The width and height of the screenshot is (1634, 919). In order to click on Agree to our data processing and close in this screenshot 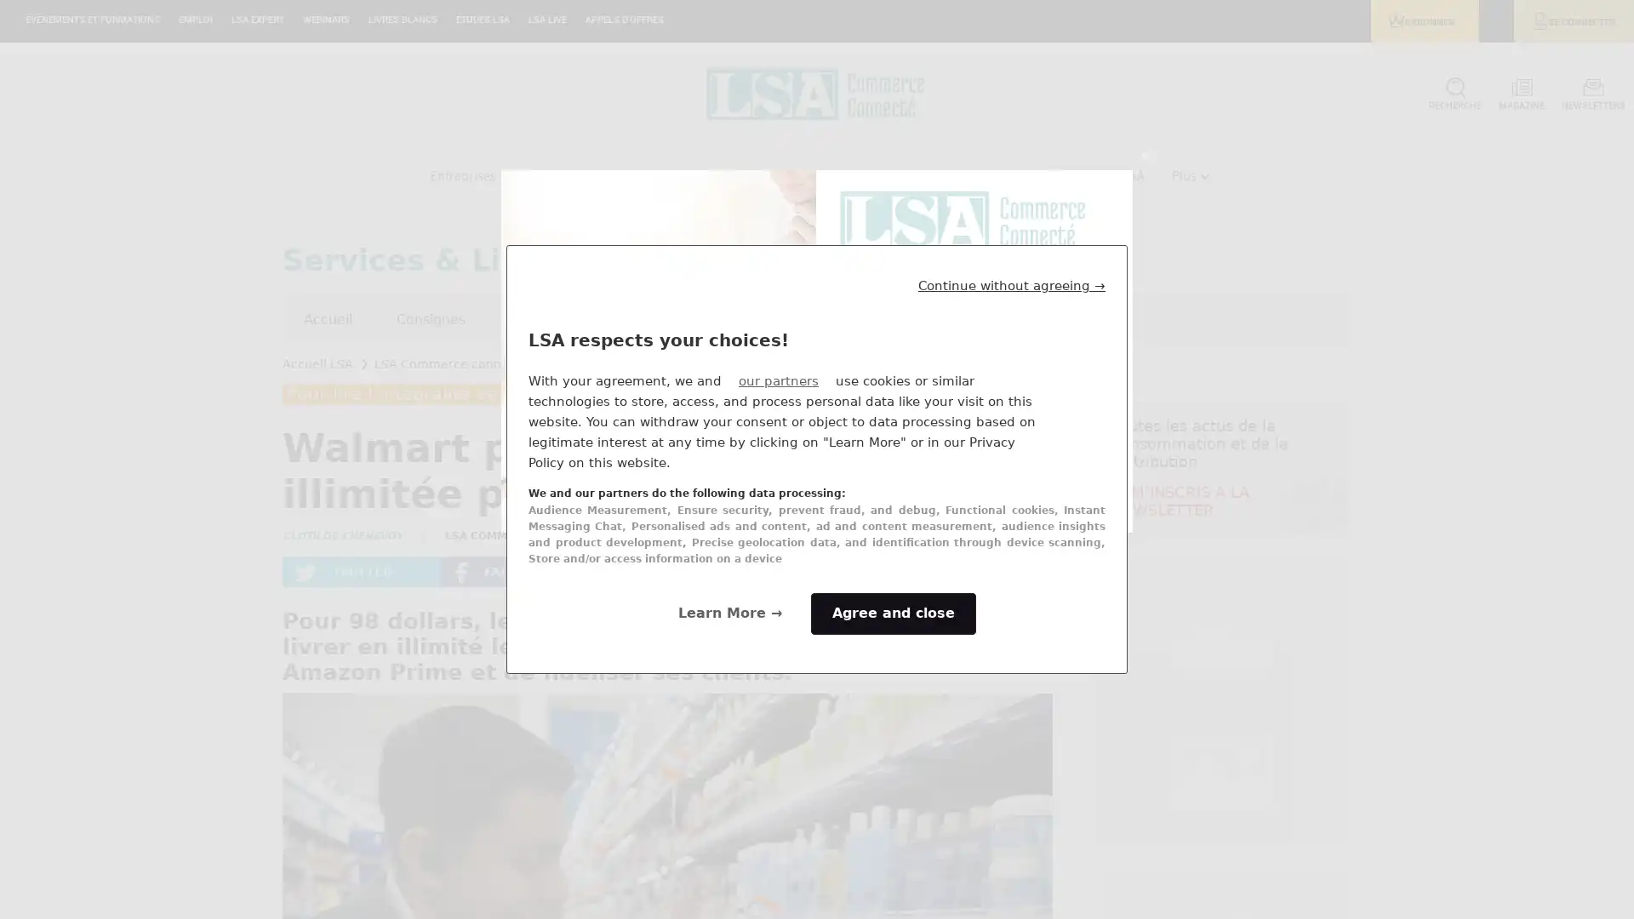, I will do `click(893, 614)`.